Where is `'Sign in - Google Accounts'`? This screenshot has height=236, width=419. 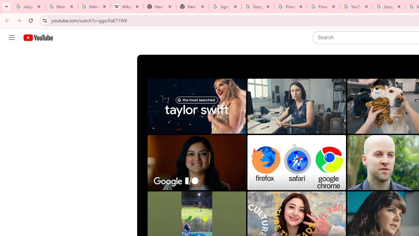 'Sign in - Google Accounts' is located at coordinates (225, 7).